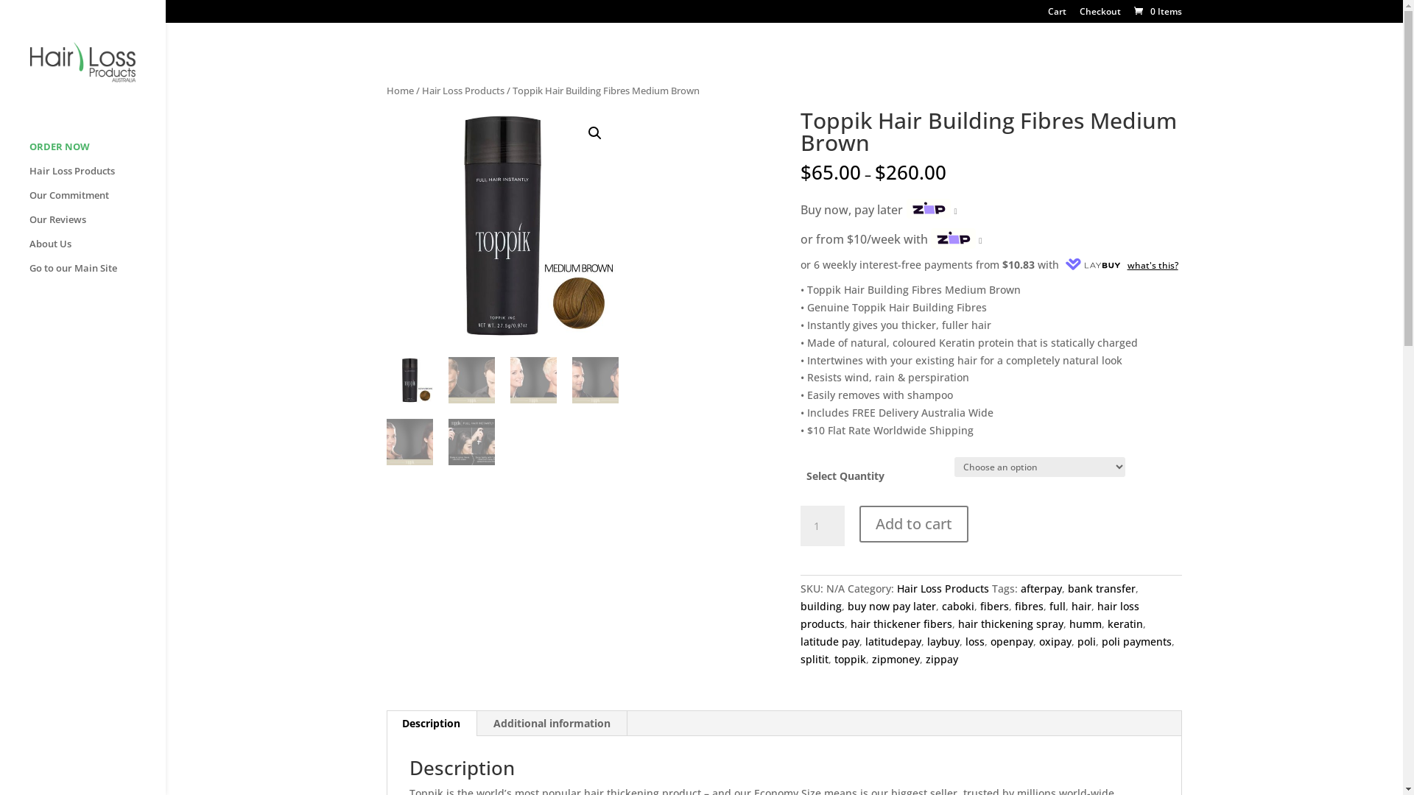  What do you see at coordinates (965, 640) in the screenshot?
I see `'loss'` at bounding box center [965, 640].